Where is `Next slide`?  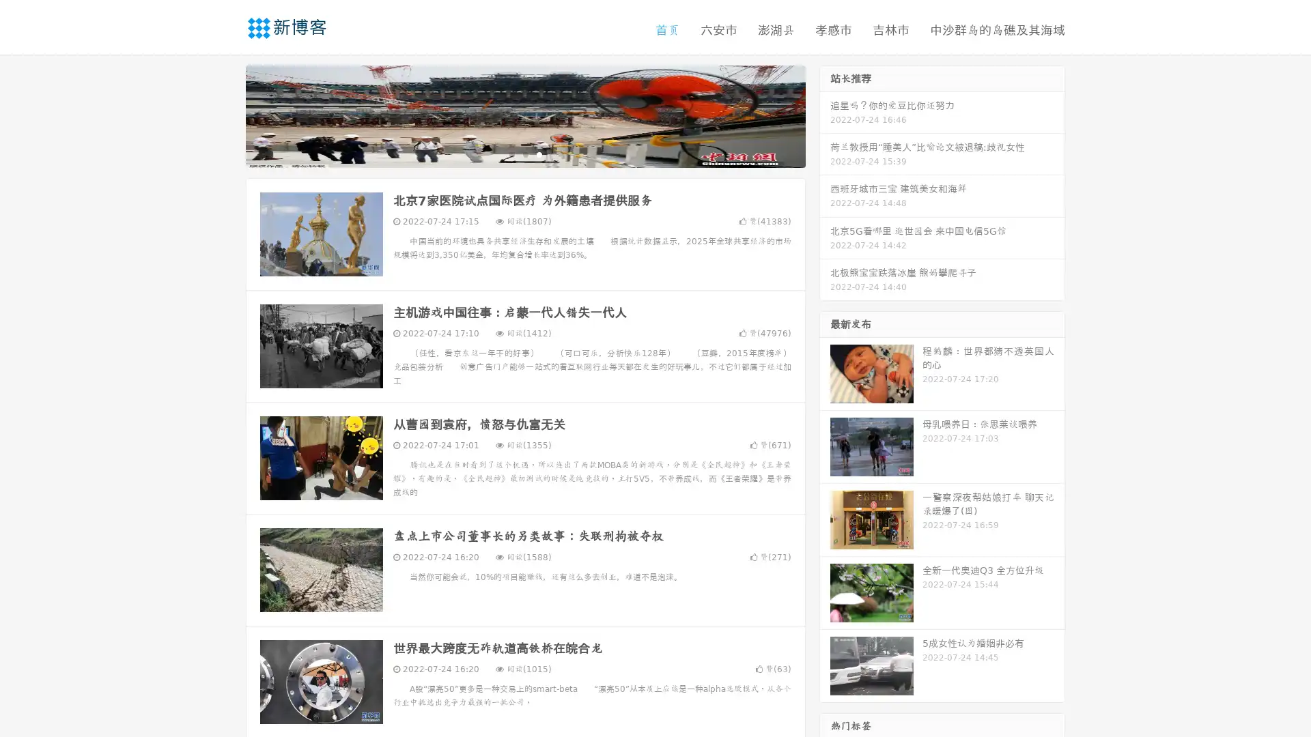 Next slide is located at coordinates (825, 115).